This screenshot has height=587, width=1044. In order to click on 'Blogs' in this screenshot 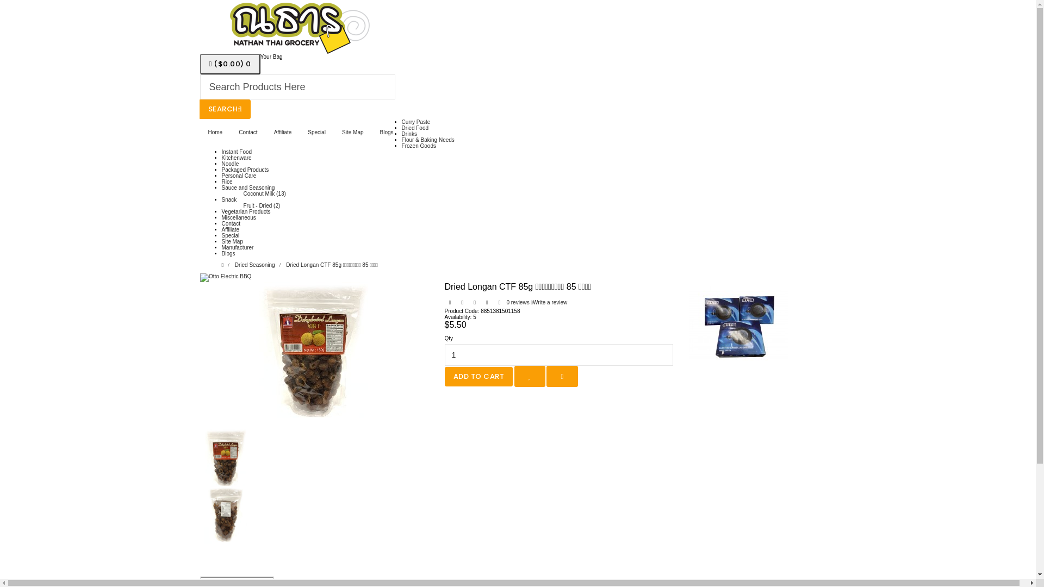, I will do `click(387, 132)`.